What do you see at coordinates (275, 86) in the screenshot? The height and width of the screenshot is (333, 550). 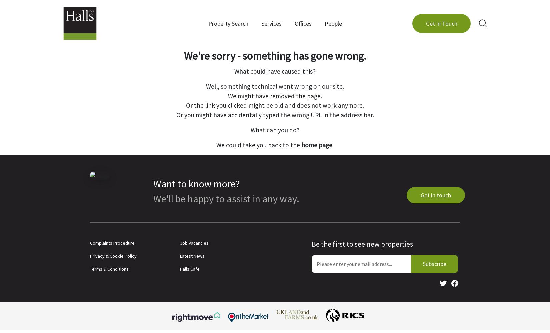 I see `'Well, something technical went wrong on our site.'` at bounding box center [275, 86].